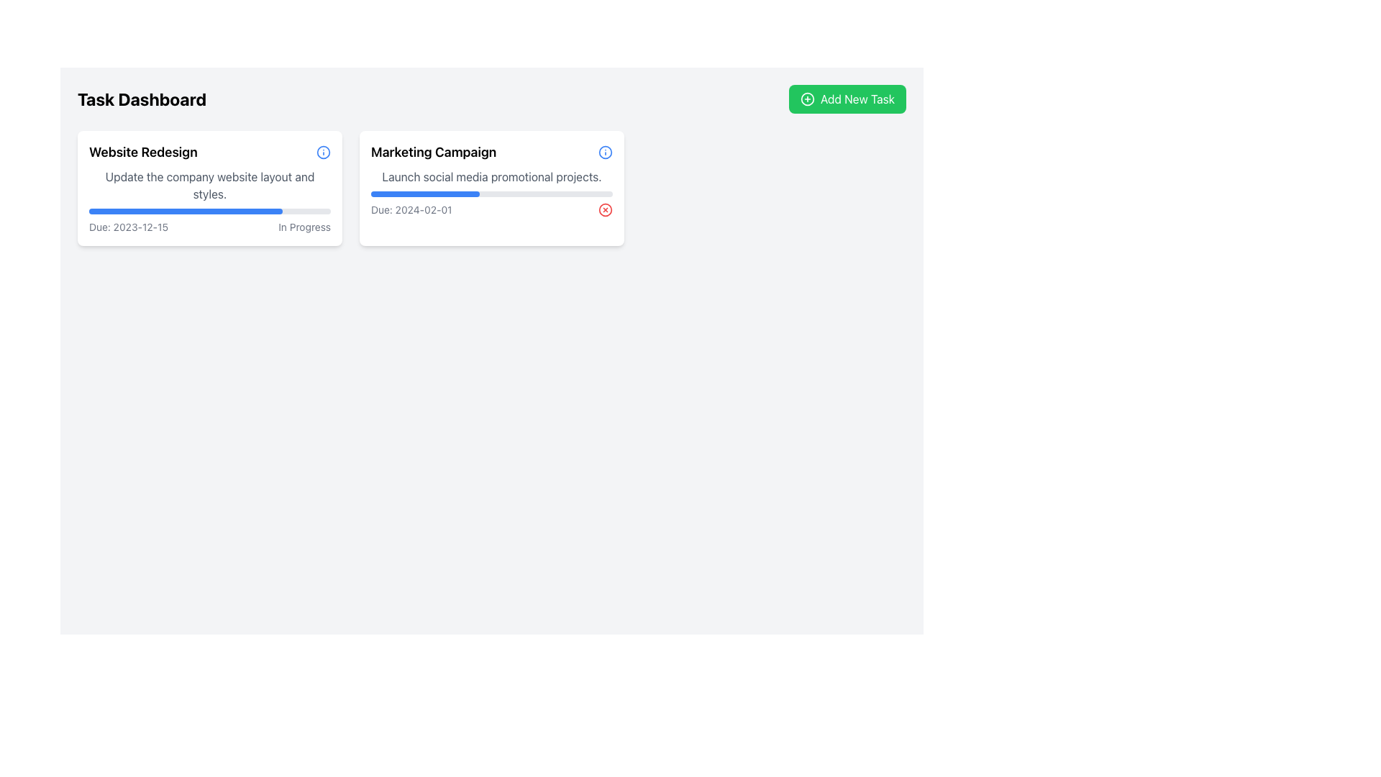 Image resolution: width=1381 pixels, height=777 pixels. I want to click on the Progress Bar located inside the 'Website Redesign' card in the 'Task Dashboard', which visually indicates the progress of the associated task, so click(185, 211).